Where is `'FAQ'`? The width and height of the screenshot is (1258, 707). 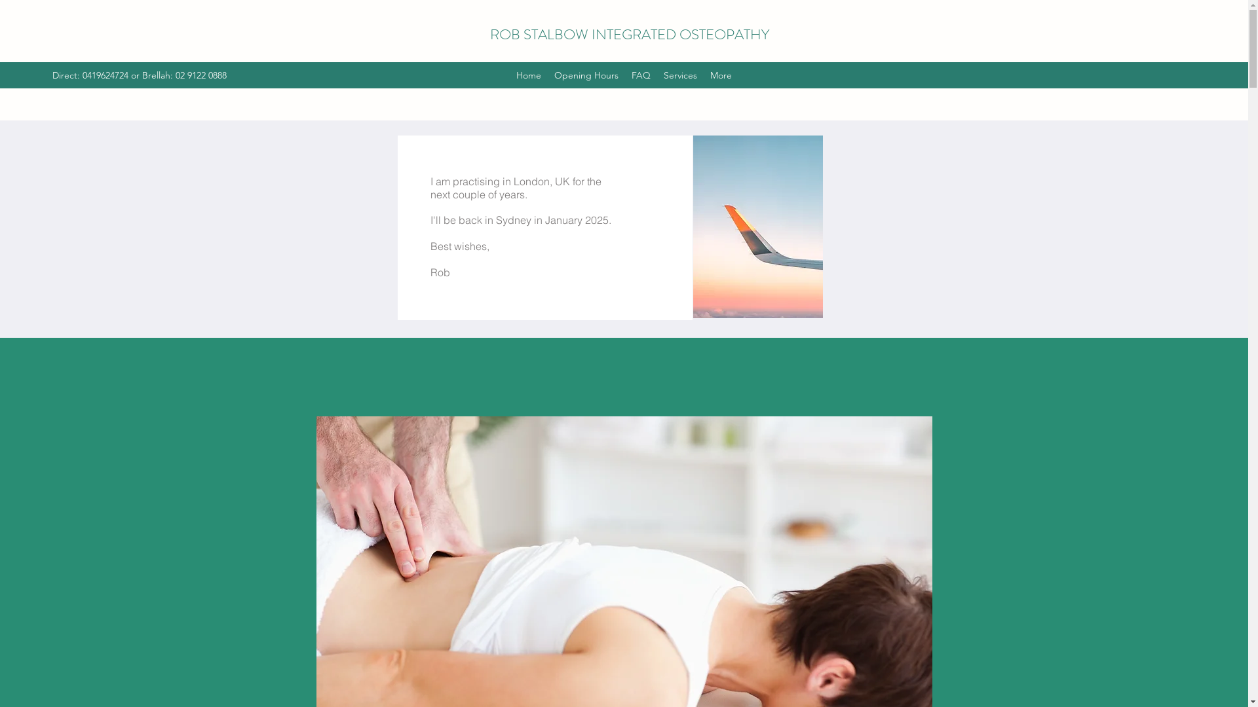
'FAQ' is located at coordinates (641, 75).